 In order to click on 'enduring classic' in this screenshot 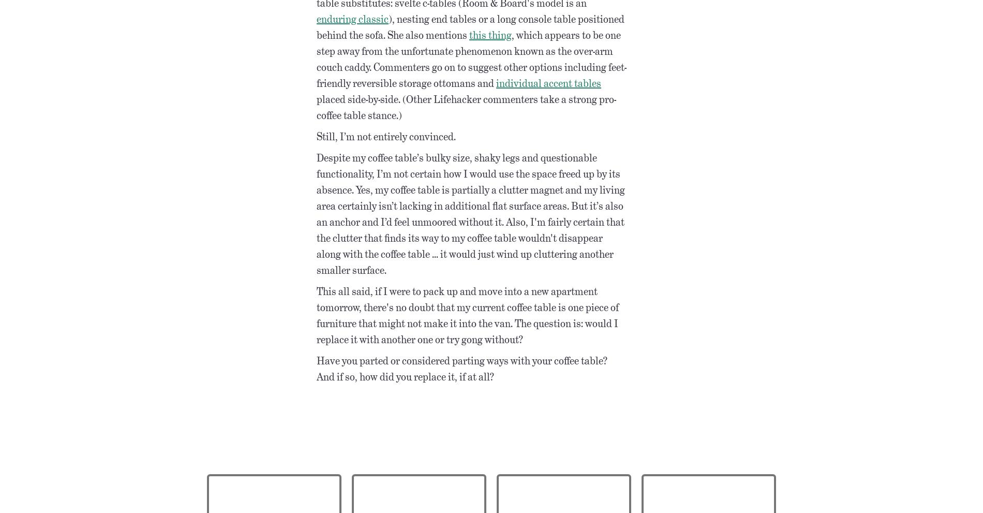, I will do `click(352, 18)`.